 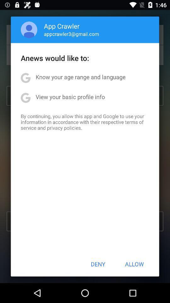 I want to click on the app next to the app crawler, so click(x=29, y=30).